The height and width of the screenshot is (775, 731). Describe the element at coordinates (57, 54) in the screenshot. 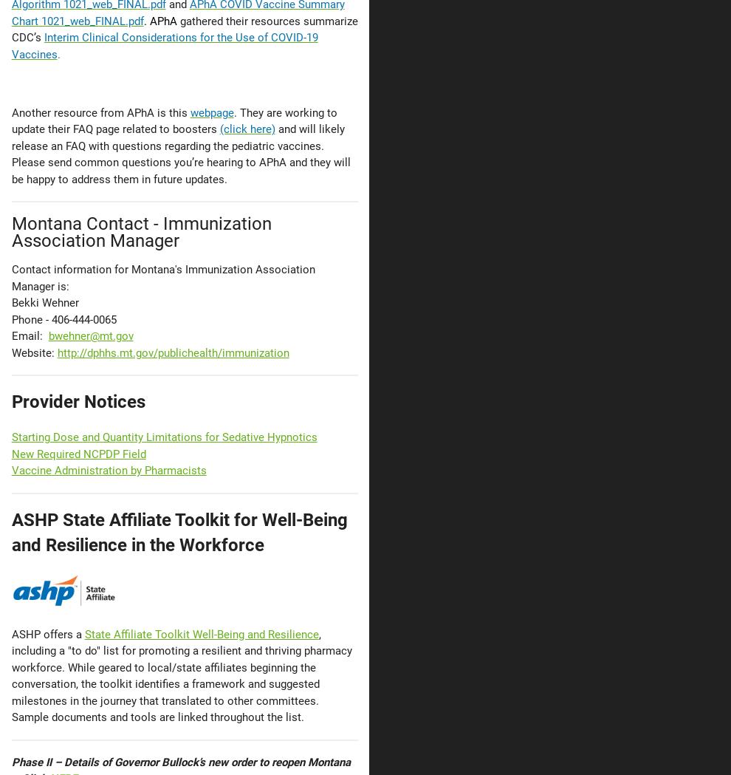

I see `'.'` at that location.